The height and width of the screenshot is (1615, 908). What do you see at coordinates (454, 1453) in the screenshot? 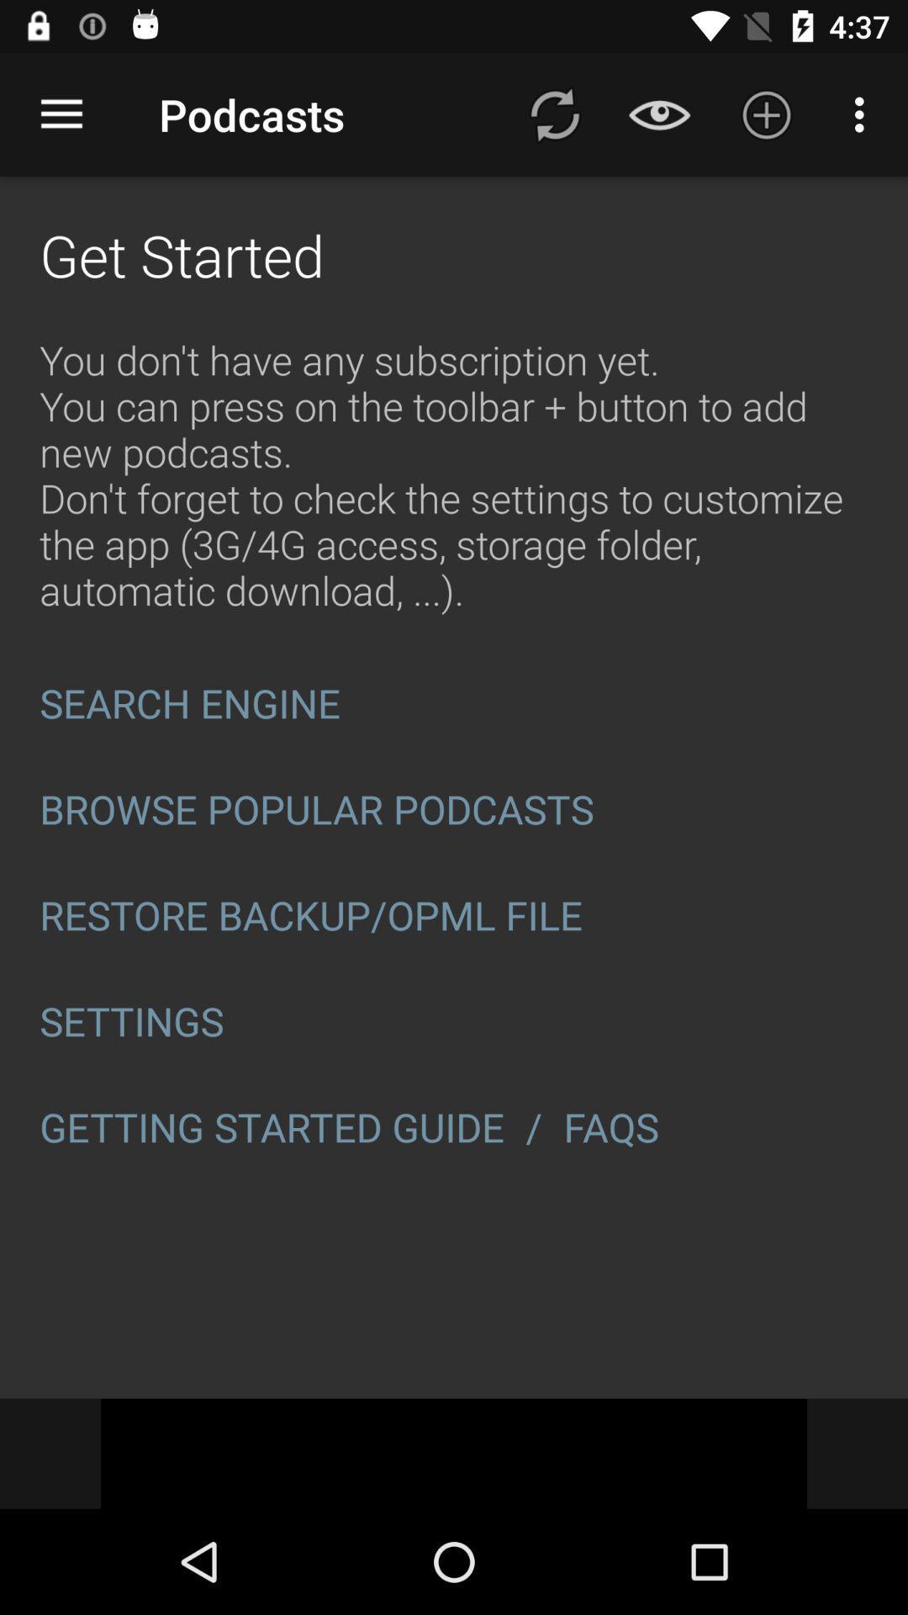
I see `the item below getting started guide` at bounding box center [454, 1453].